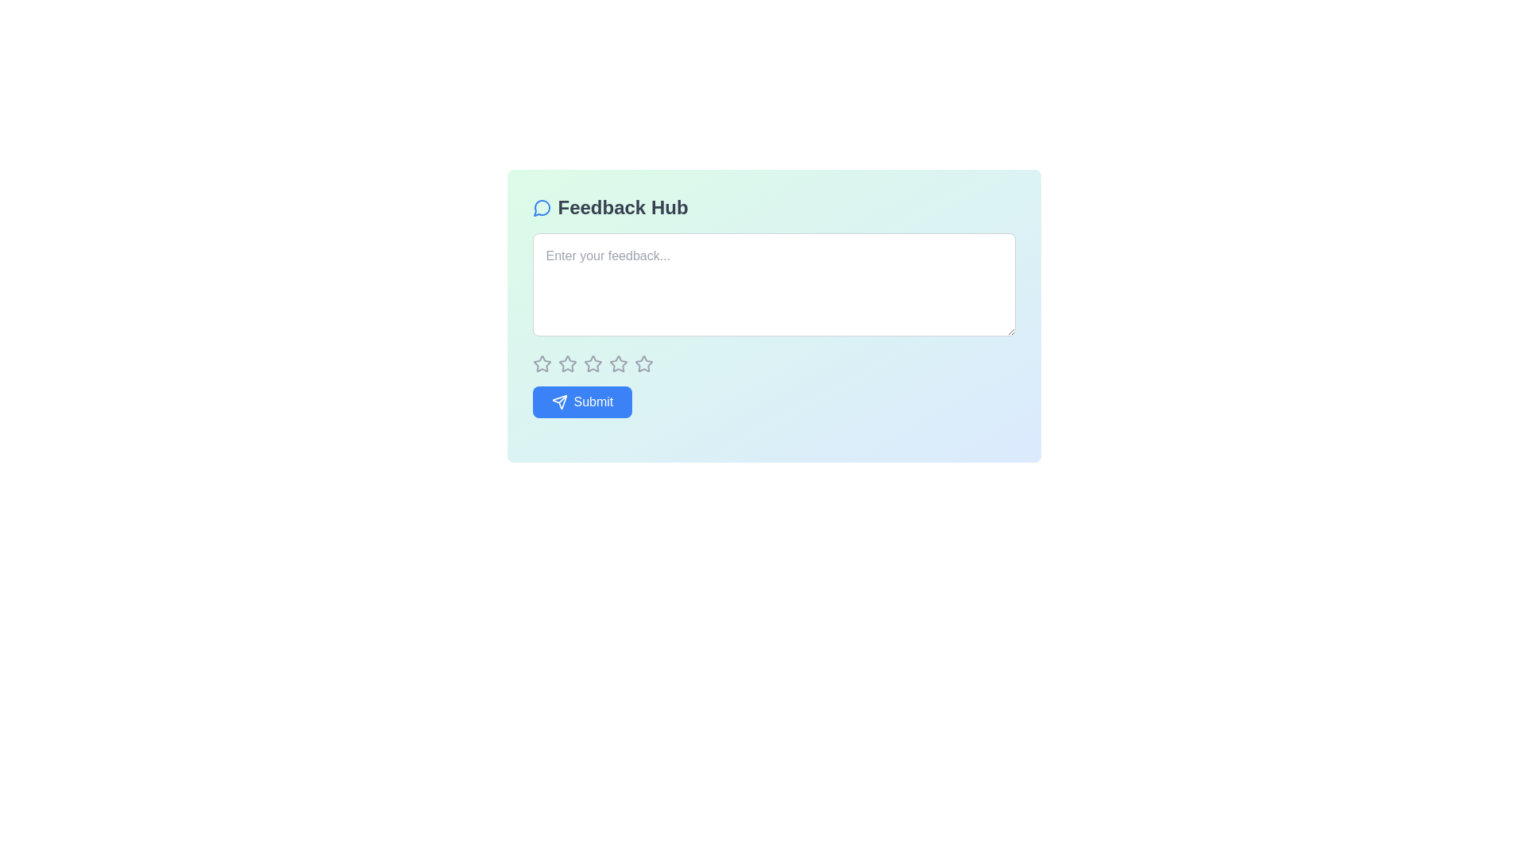 Image resolution: width=1525 pixels, height=857 pixels. I want to click on the paper airplane icon, which is the leftmost element of the 'Submit' button at the bottom of the feedback card interface, for visual feedback, so click(559, 401).